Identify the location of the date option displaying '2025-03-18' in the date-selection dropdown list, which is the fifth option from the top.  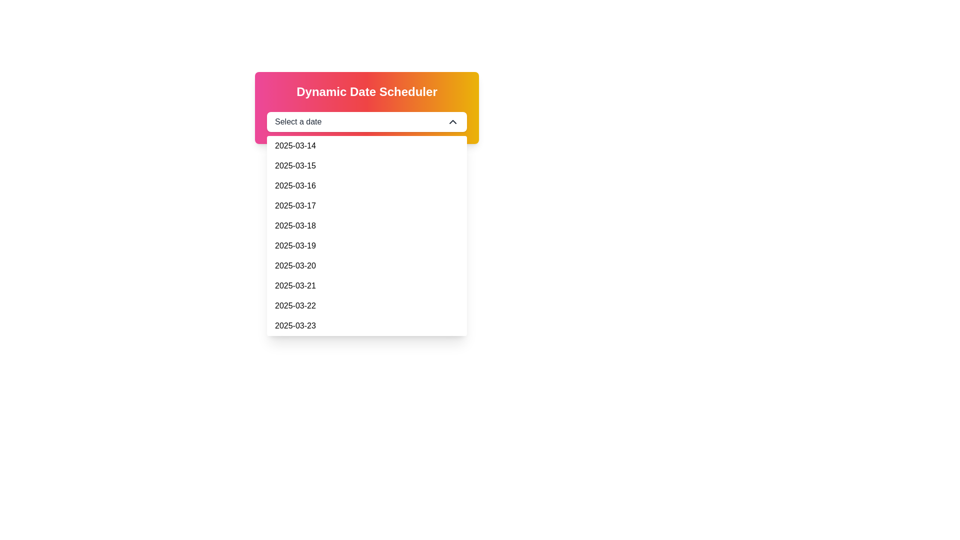
(294, 225).